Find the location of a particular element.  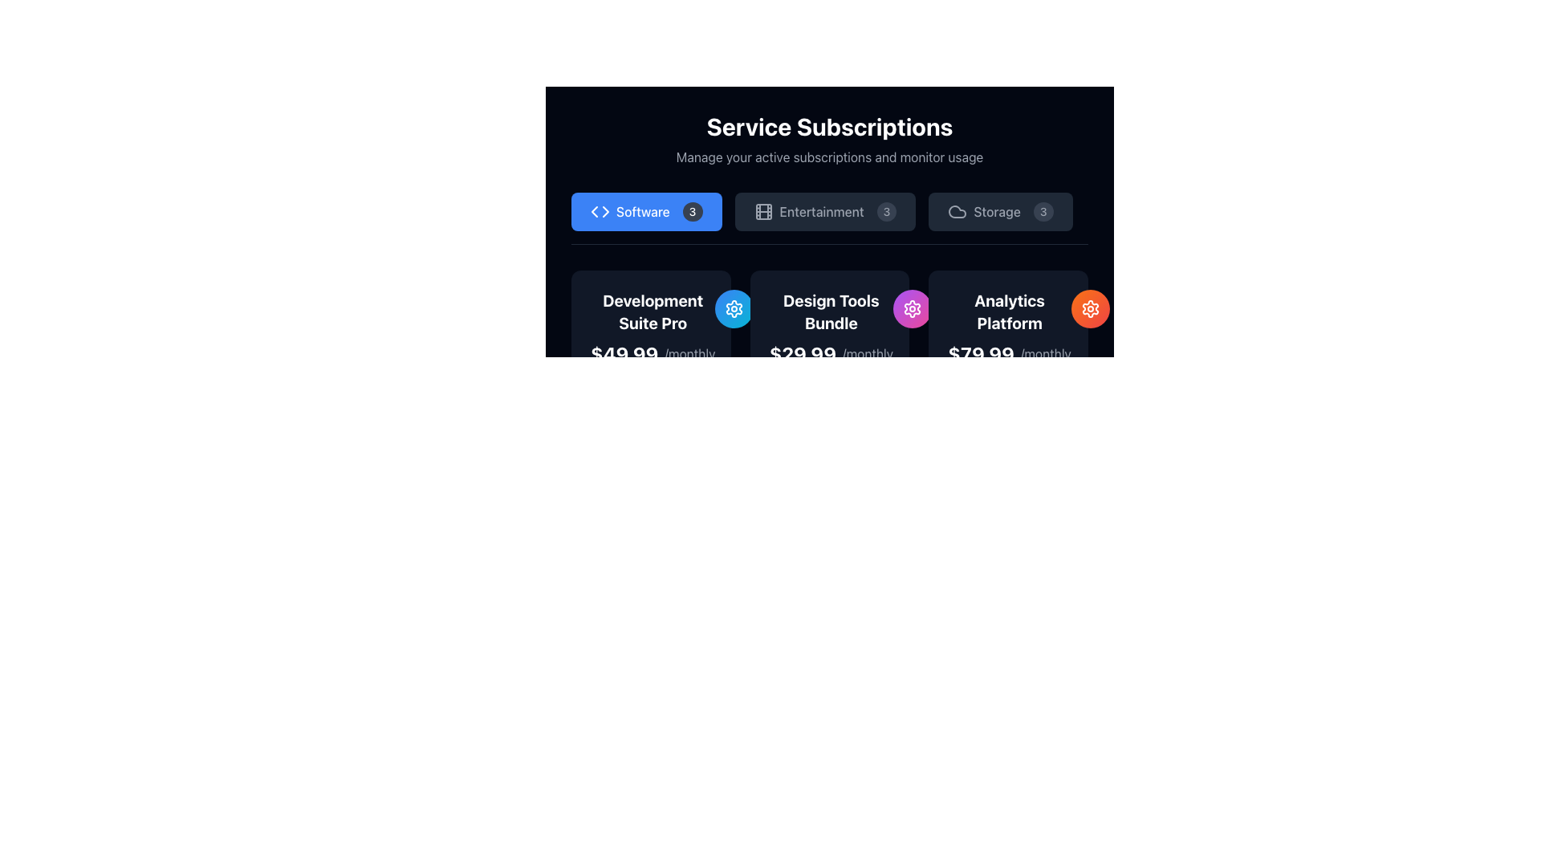

the database icon that is styled as a small graphic with a stack-like design, positioned to the left of the '25GB' text is located at coordinates (842, 450).